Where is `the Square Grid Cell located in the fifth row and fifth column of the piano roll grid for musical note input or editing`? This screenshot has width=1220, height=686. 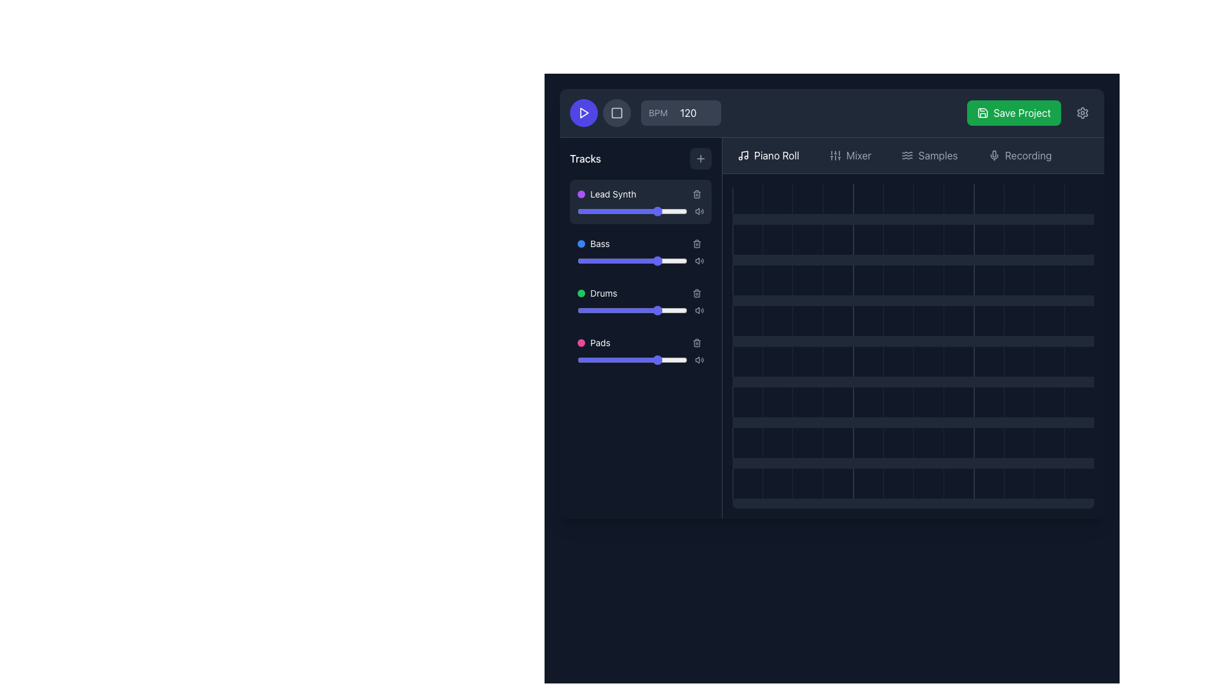
the Square Grid Cell located in the fifth row and fifth column of the piano roll grid for musical note input or editing is located at coordinates (897, 320).